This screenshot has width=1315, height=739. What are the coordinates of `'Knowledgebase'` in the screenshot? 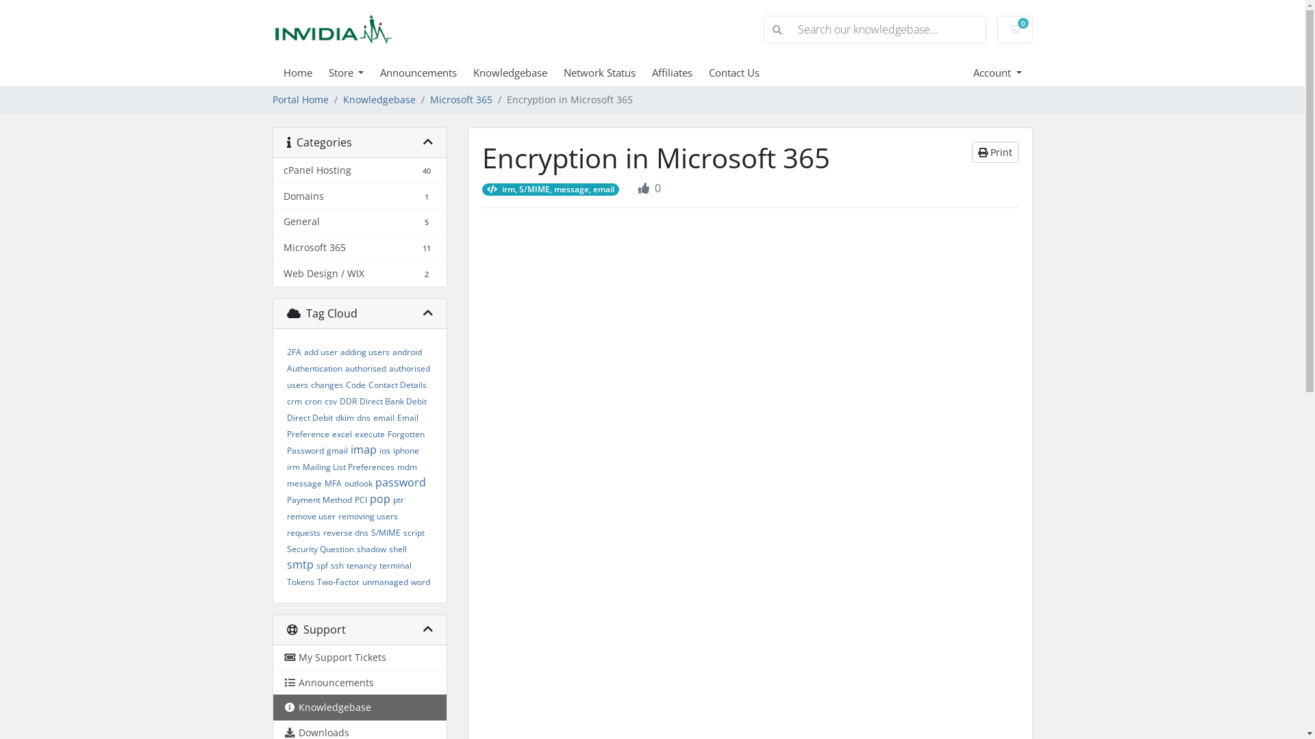 It's located at (378, 99).